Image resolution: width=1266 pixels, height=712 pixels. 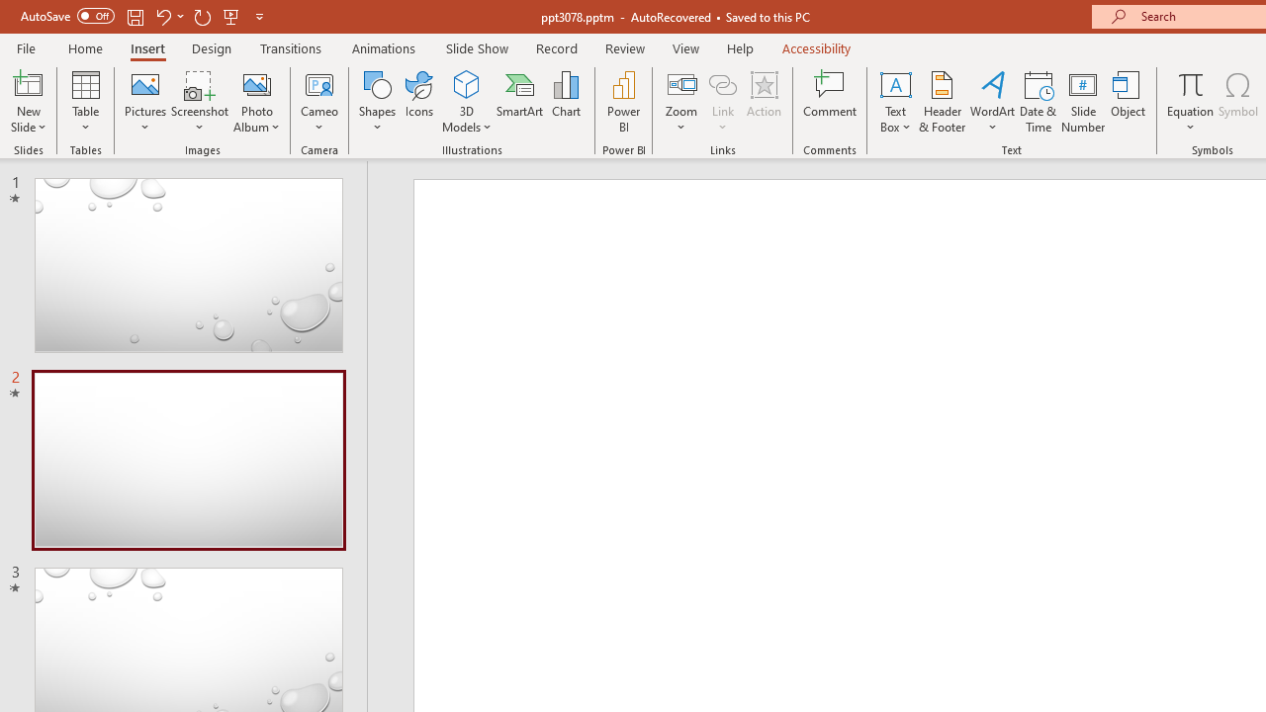 I want to click on 'Screenshot', so click(x=200, y=102).